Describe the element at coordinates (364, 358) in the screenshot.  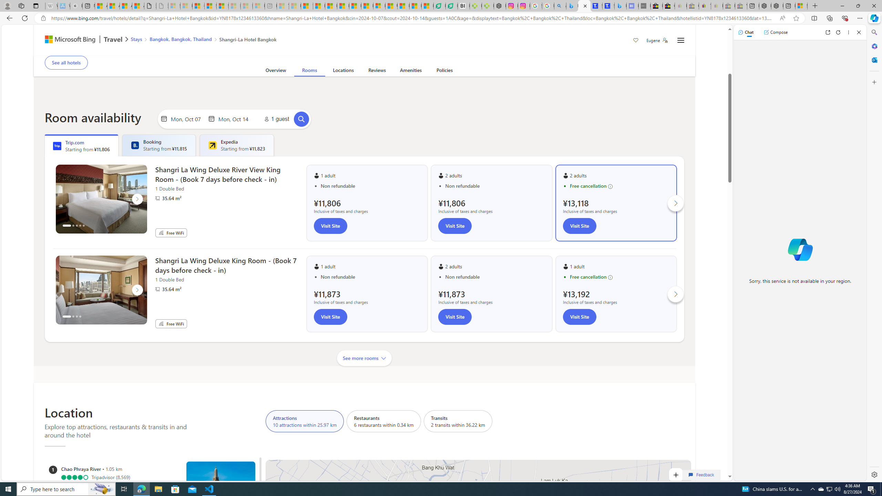
I see `'See more rooms'` at that location.